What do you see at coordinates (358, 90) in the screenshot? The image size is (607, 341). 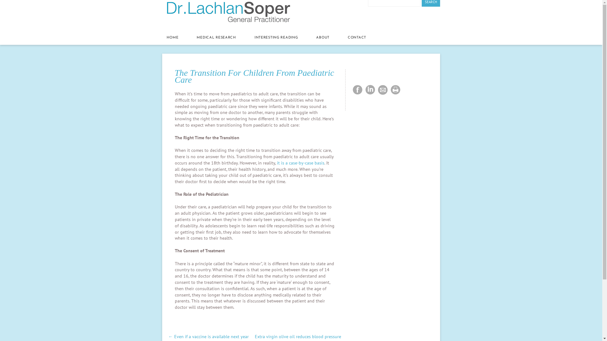 I see `'Facebook'` at bounding box center [358, 90].